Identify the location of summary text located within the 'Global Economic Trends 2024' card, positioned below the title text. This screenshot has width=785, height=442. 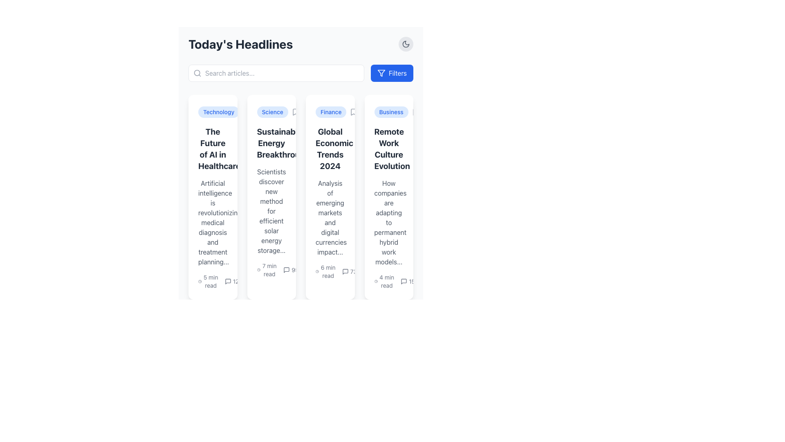
(330, 217).